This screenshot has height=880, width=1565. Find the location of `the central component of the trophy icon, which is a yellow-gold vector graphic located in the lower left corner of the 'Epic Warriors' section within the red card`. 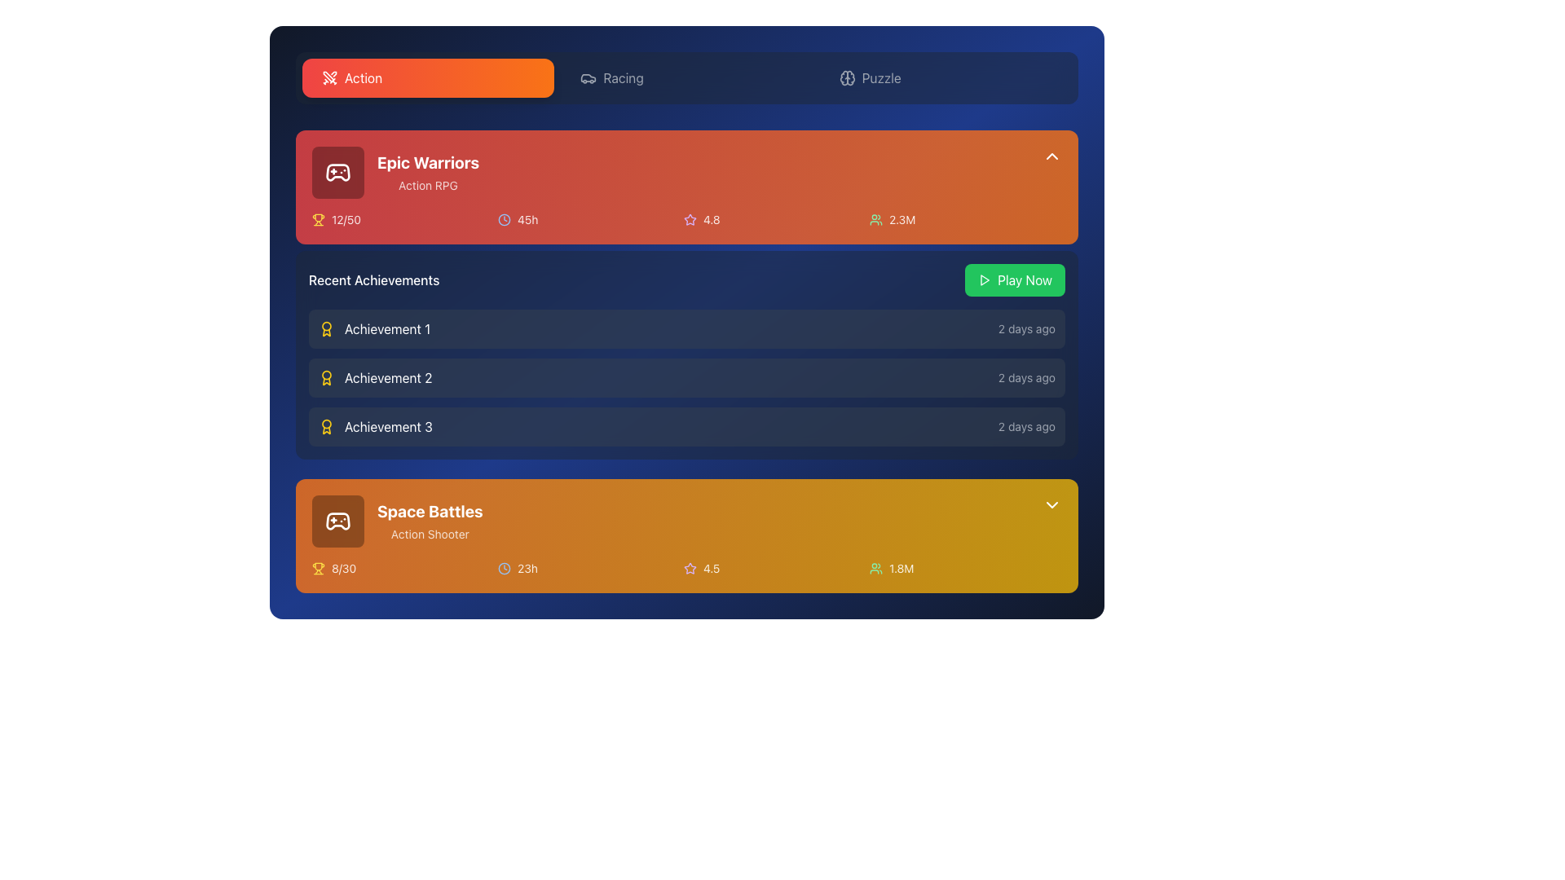

the central component of the trophy icon, which is a yellow-gold vector graphic located in the lower left corner of the 'Epic Warriors' section within the red card is located at coordinates (318, 216).